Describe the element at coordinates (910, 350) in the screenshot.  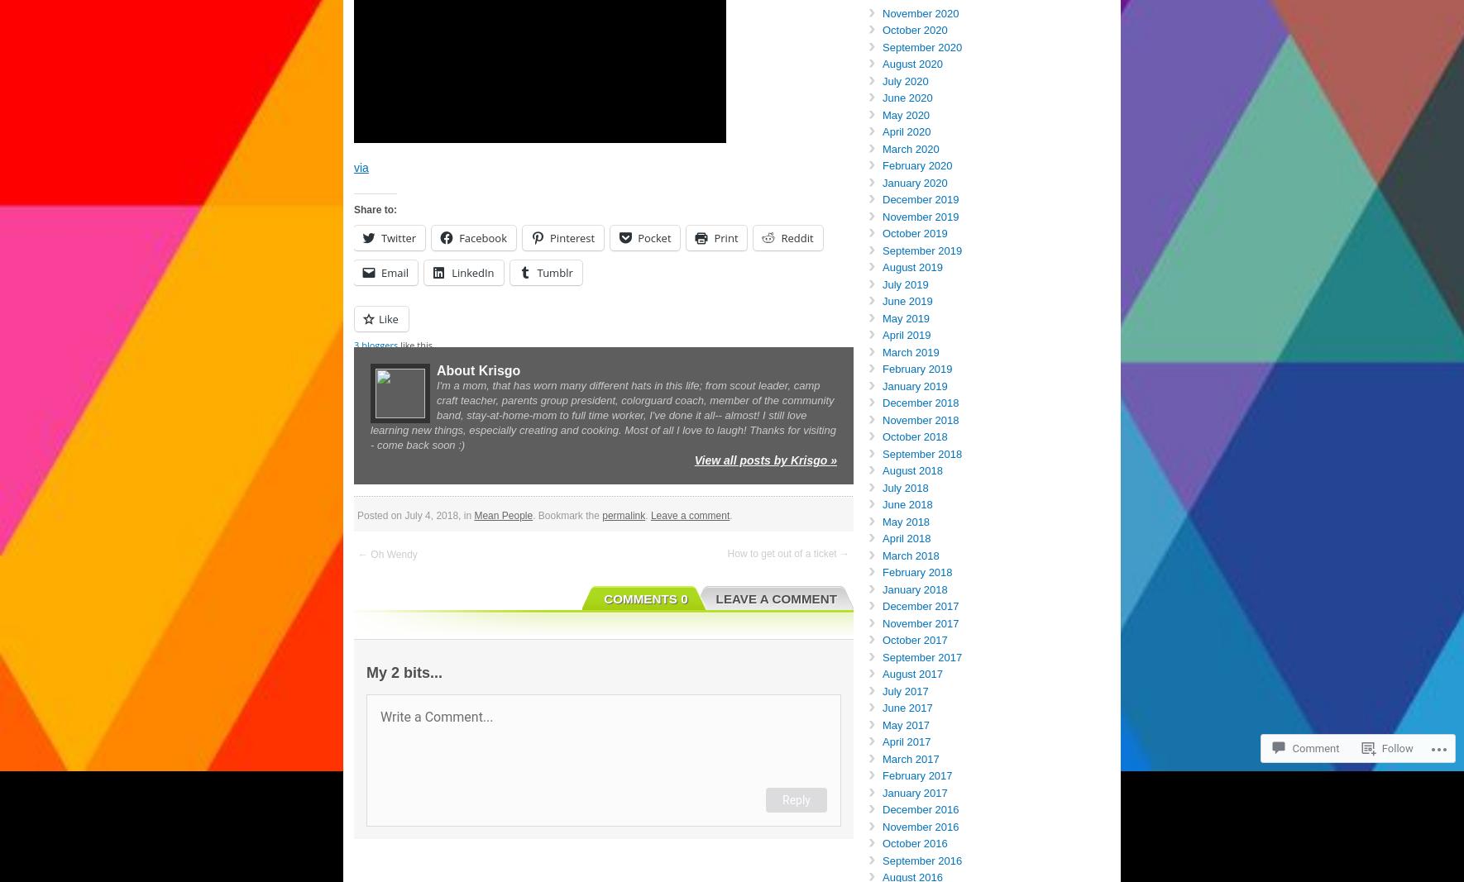
I see `'March 2019'` at that location.